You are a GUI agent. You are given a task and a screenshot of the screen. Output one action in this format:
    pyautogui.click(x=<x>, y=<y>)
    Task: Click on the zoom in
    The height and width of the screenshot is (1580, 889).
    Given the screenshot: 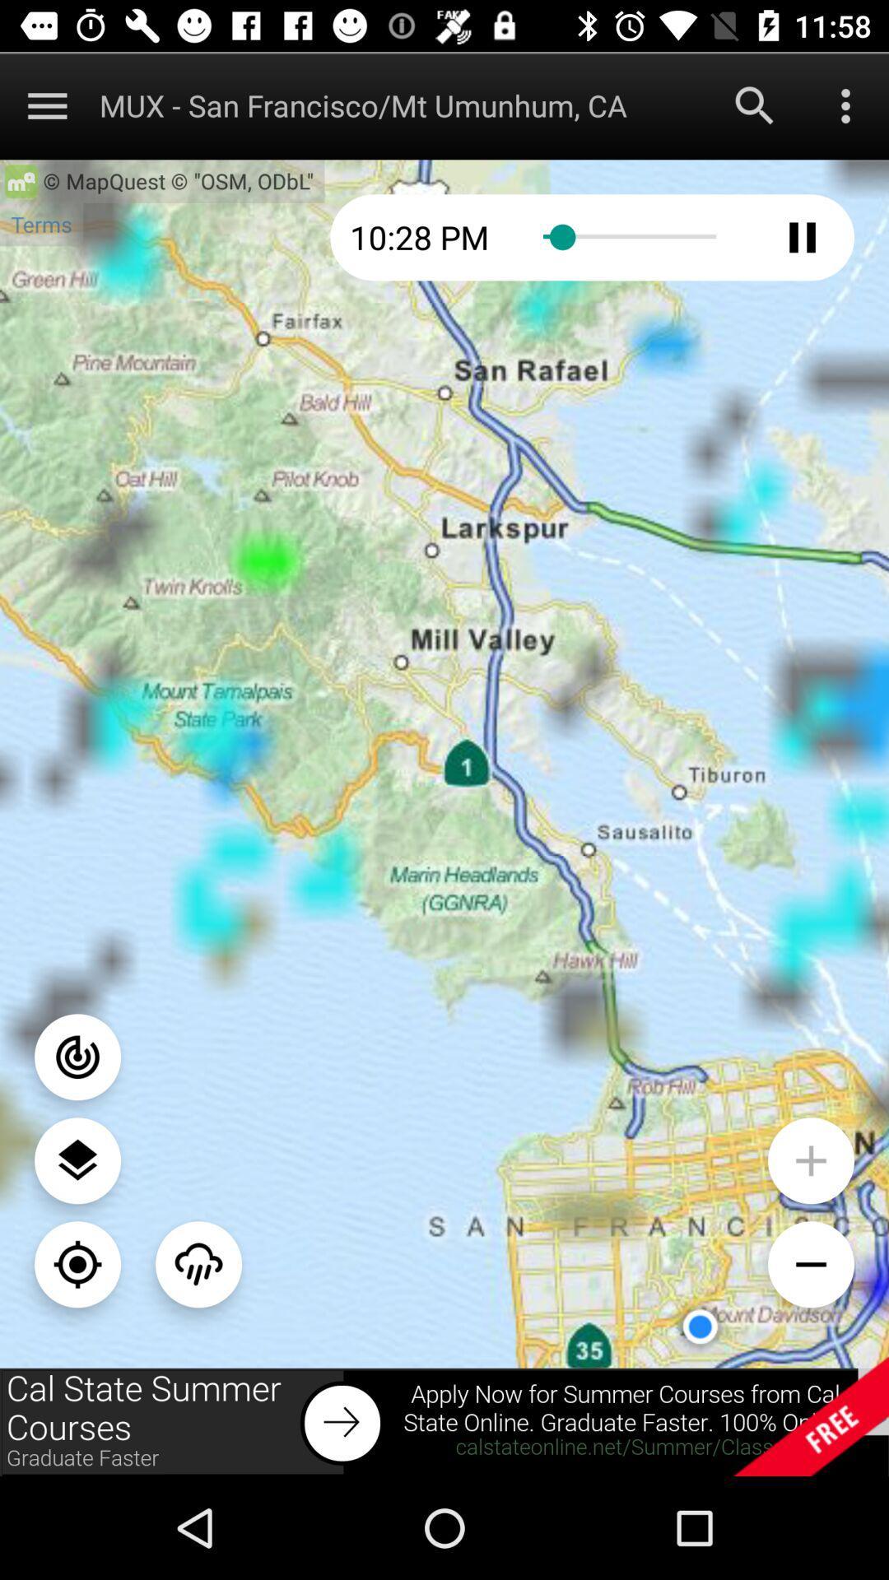 What is the action you would take?
    pyautogui.click(x=810, y=1159)
    